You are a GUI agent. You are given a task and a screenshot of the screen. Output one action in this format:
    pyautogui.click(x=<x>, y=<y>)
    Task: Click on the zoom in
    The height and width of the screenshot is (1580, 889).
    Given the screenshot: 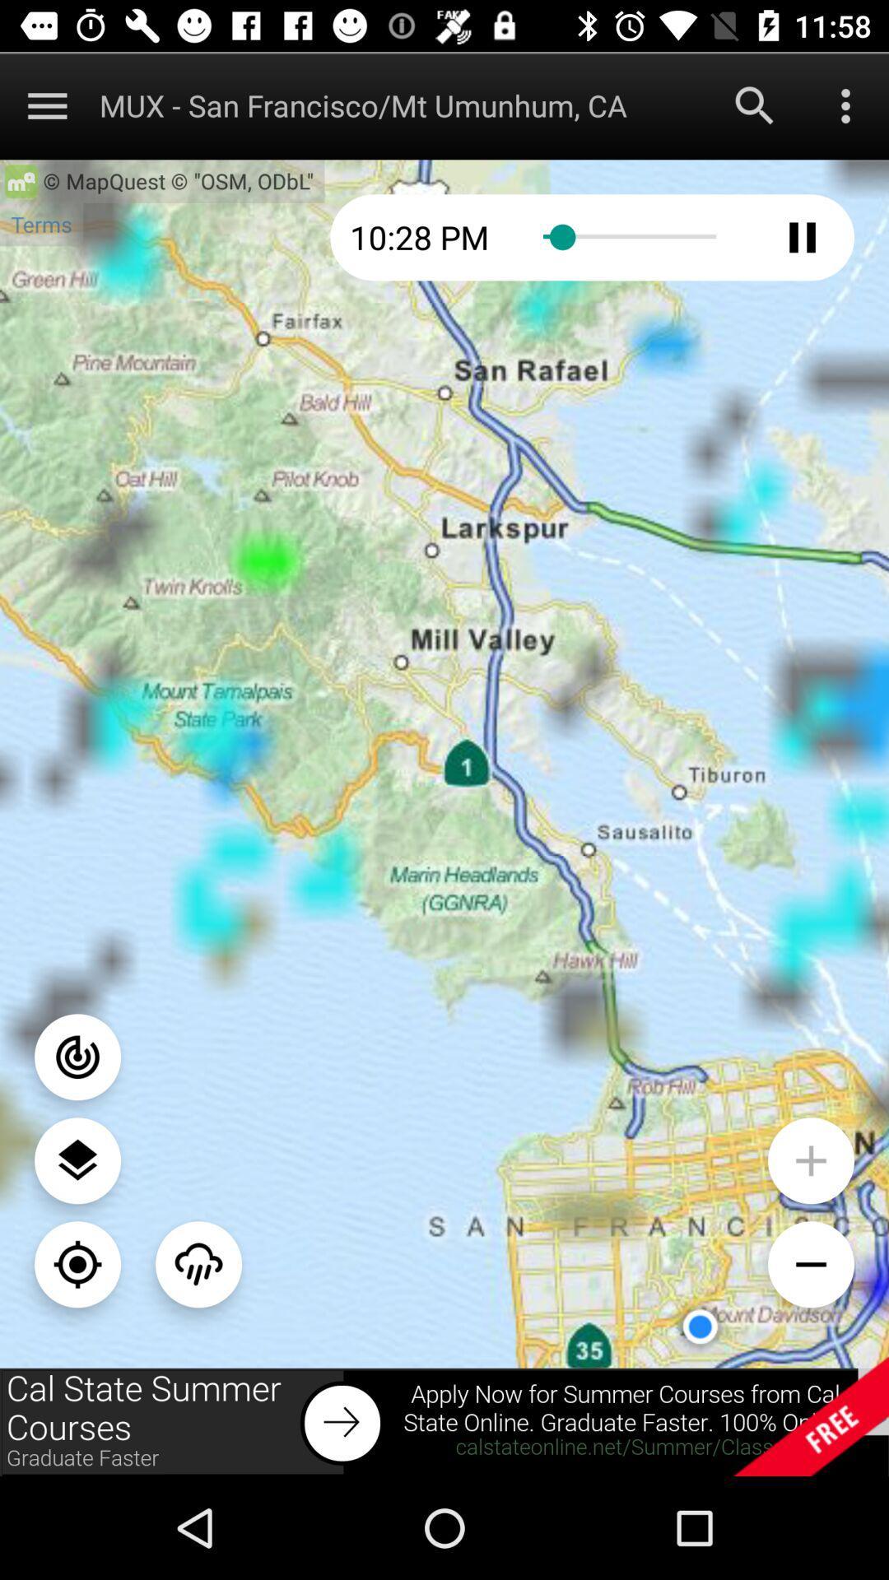 What is the action you would take?
    pyautogui.click(x=810, y=1159)
    